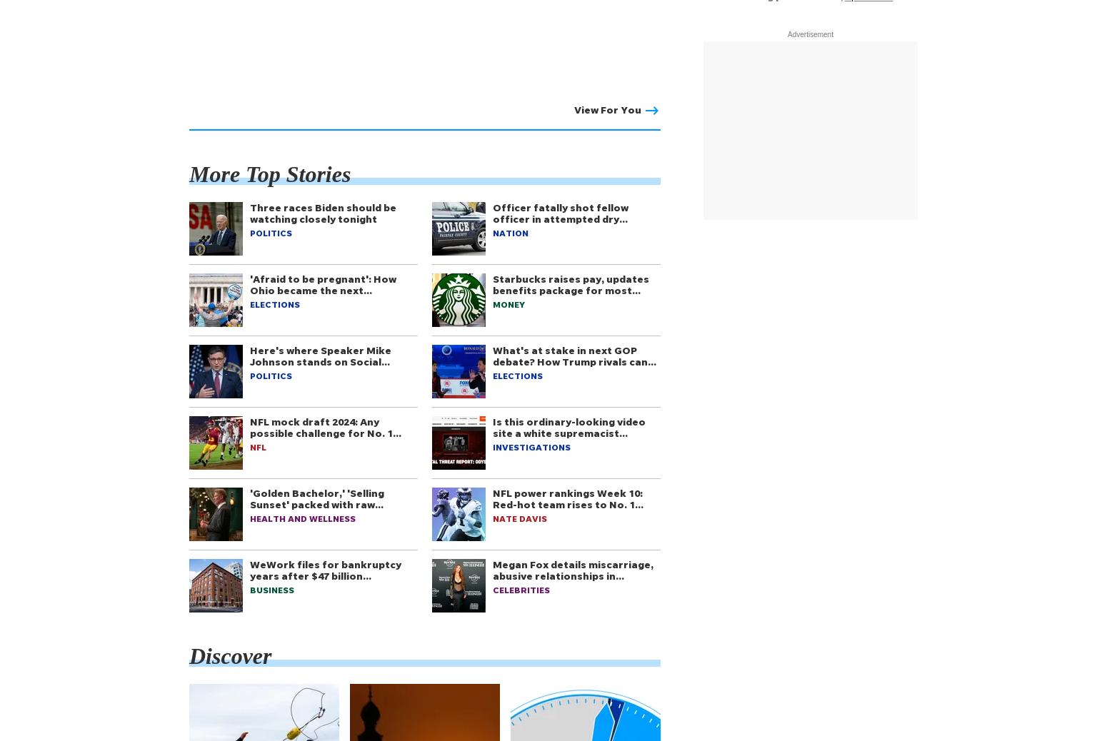  I want to click on 'WeWork files for bankruptcy years after $47 billion…', so click(326, 570).